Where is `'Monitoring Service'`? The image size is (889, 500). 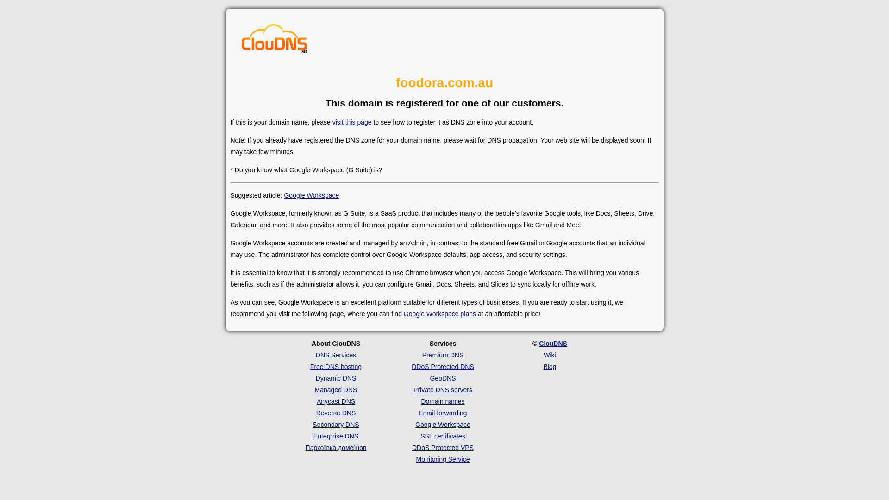 'Monitoring Service' is located at coordinates (442, 459).